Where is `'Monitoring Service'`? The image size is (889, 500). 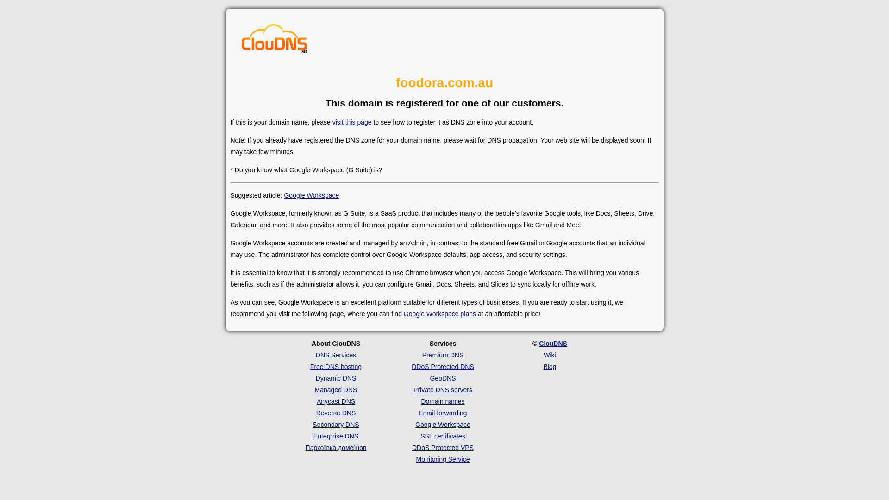 'Monitoring Service' is located at coordinates (442, 459).